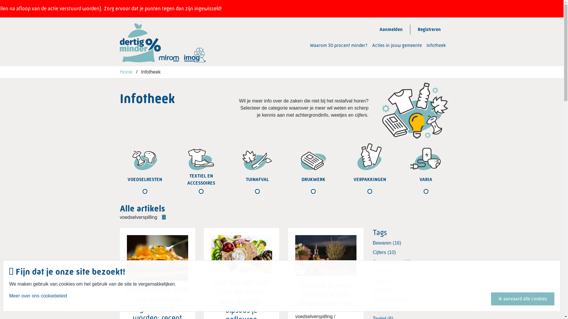  I want to click on 'PMD (6)', so click(410, 290).